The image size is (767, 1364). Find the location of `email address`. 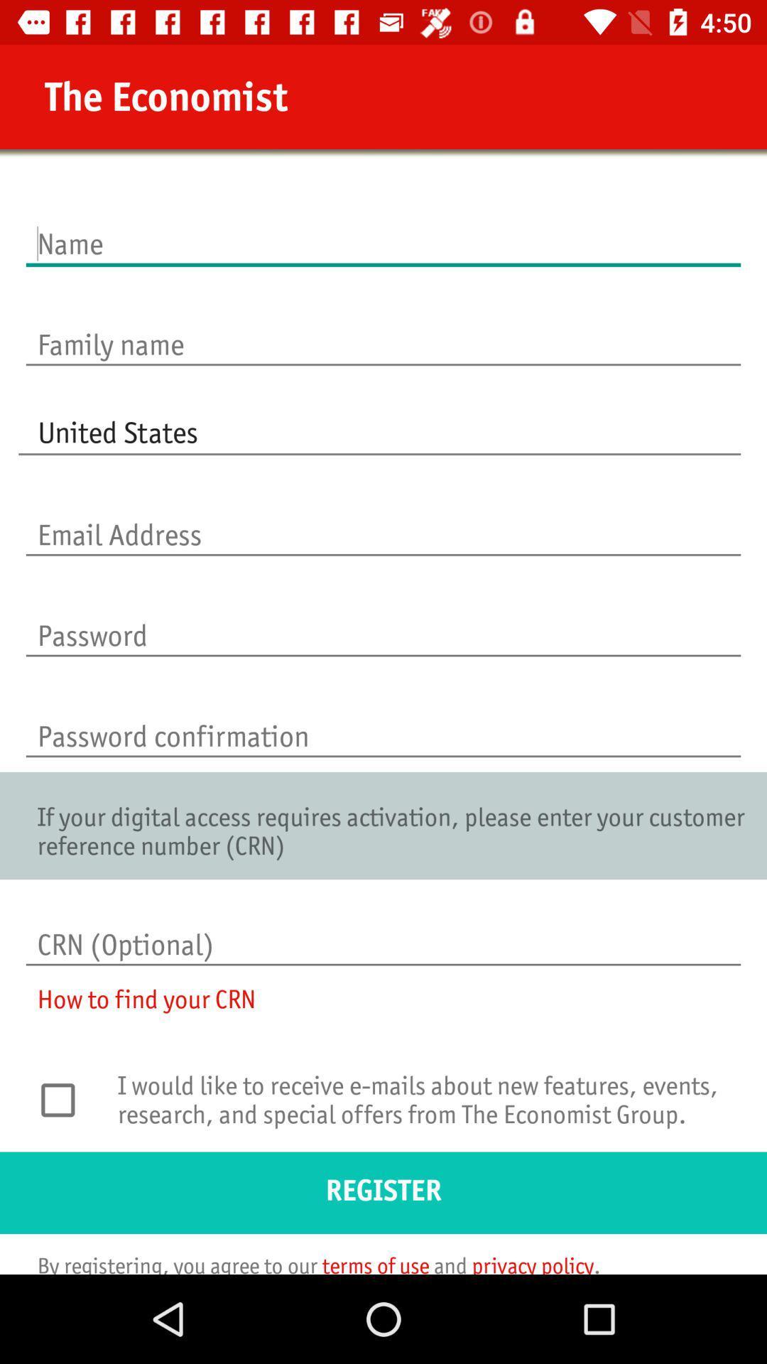

email address is located at coordinates (383, 519).